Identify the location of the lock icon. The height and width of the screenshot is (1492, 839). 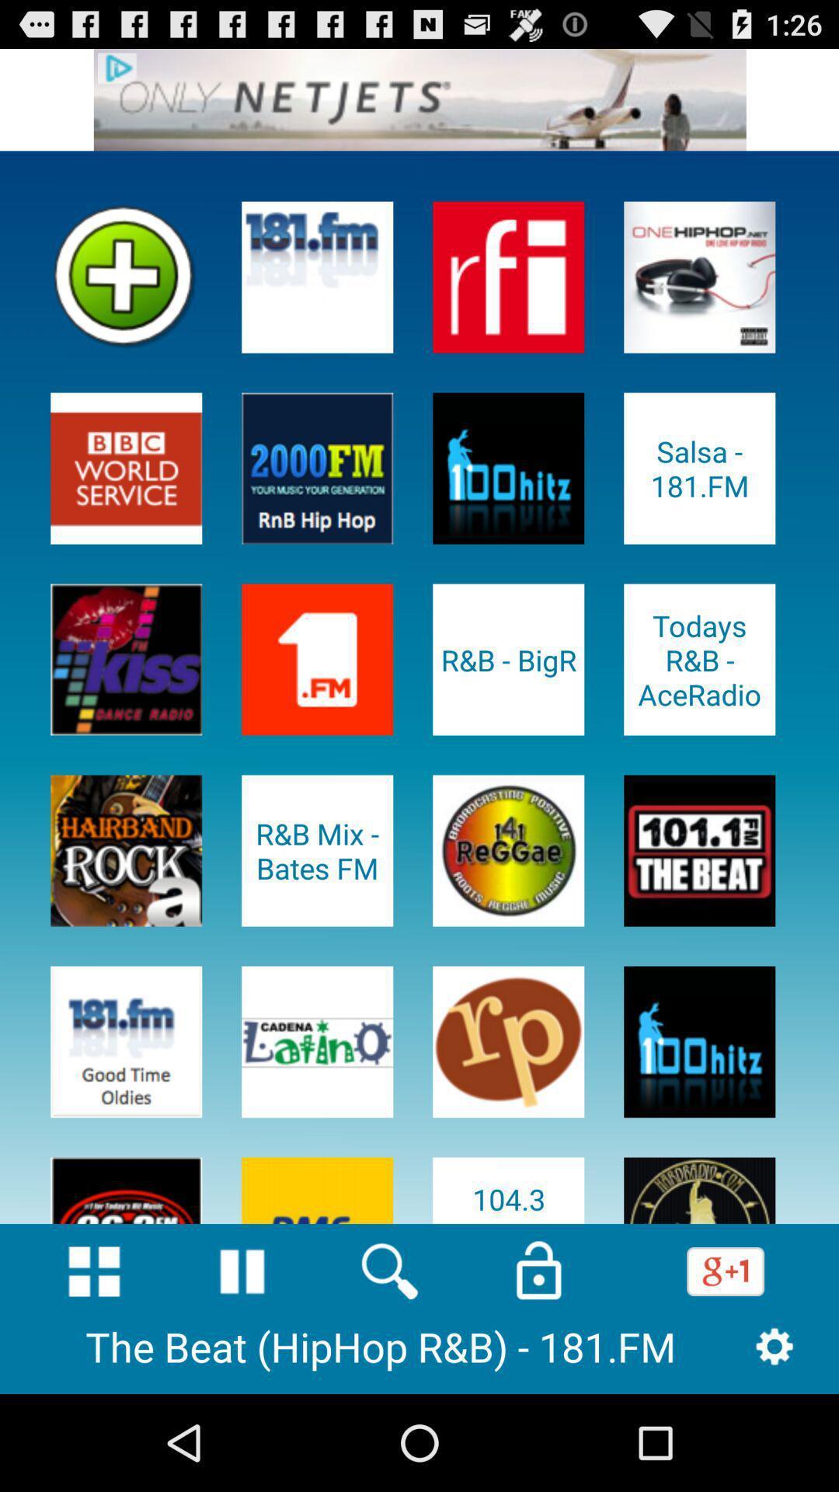
(538, 1360).